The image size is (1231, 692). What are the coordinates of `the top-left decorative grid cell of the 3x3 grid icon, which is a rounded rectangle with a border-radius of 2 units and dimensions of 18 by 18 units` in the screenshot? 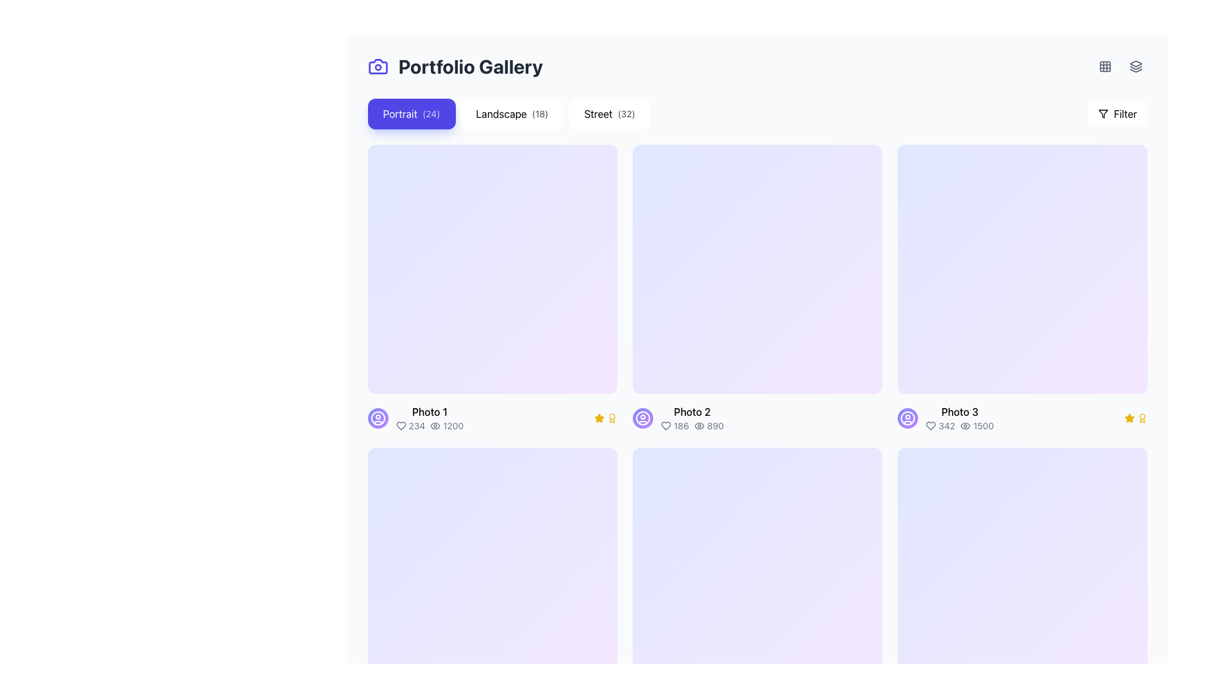 It's located at (1104, 67).